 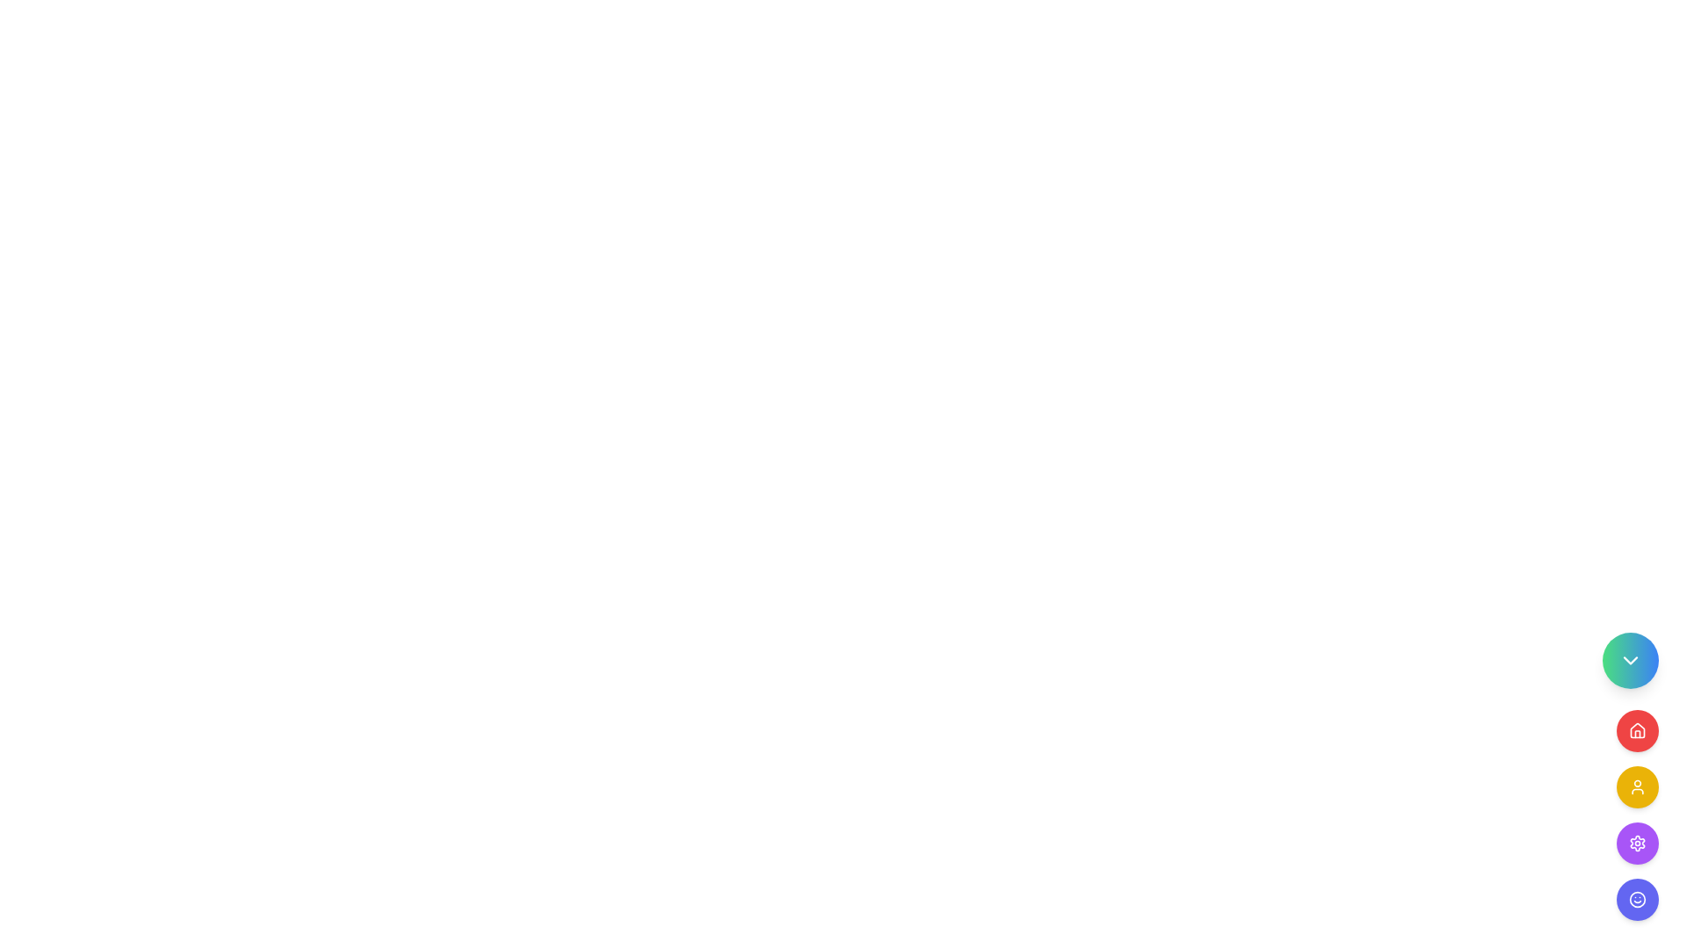 I want to click on the third button in a vertically-aligned group of four buttons, located below the red house icon button and above the purple gear icon button, so click(x=1636, y=786).